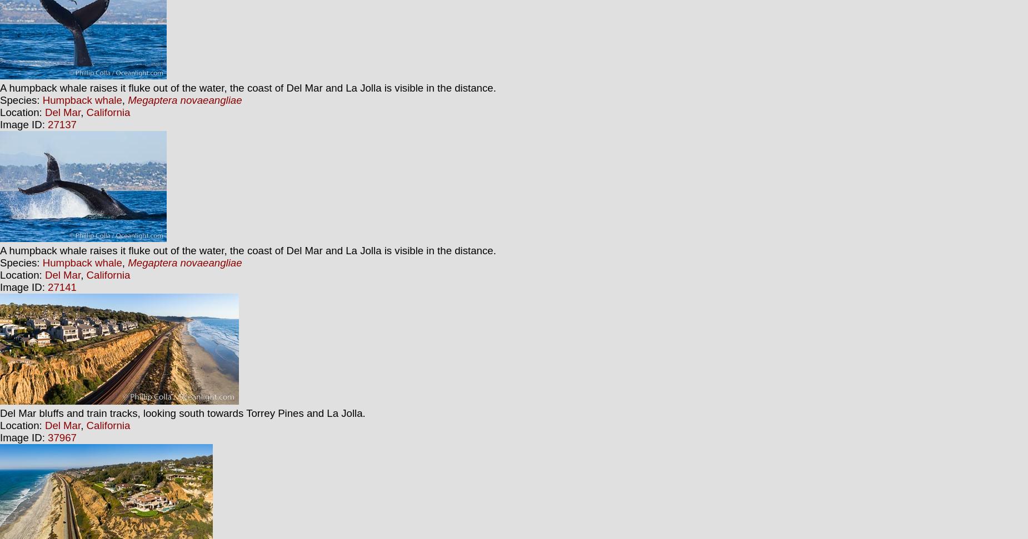 This screenshot has height=539, width=1028. Describe the element at coordinates (182, 412) in the screenshot. I see `'Del Mar bluffs and train tracks, looking south towards Torrey Pines and La Jolla.'` at that location.